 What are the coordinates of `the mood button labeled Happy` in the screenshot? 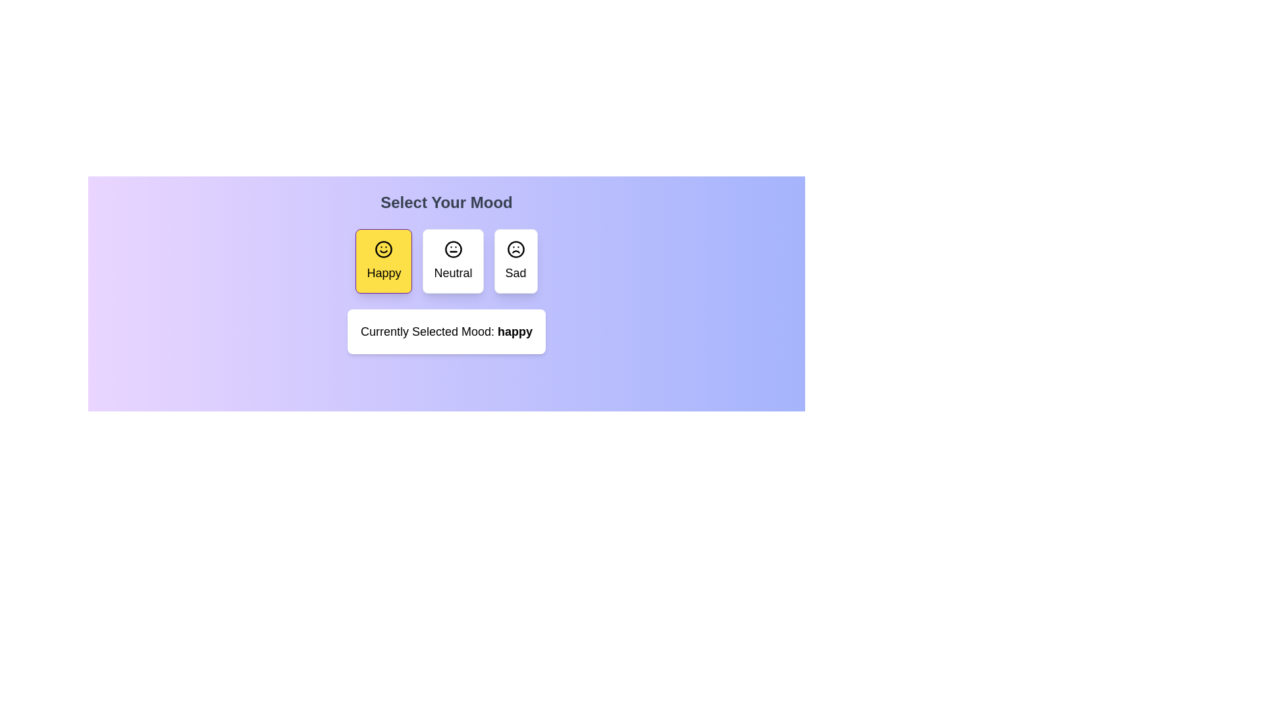 It's located at (383, 261).